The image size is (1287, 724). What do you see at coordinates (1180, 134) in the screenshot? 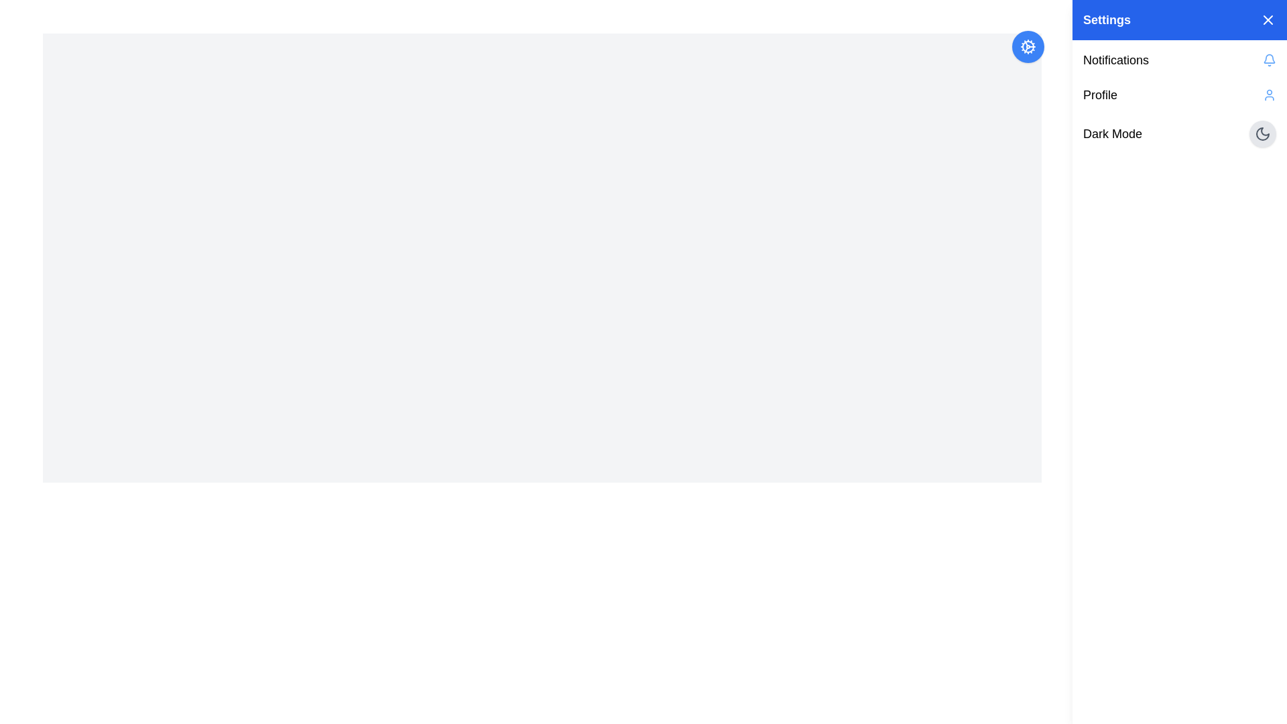
I see `the third list item in the right-side settings panel, which toggles the UI theme to dark mode` at bounding box center [1180, 134].